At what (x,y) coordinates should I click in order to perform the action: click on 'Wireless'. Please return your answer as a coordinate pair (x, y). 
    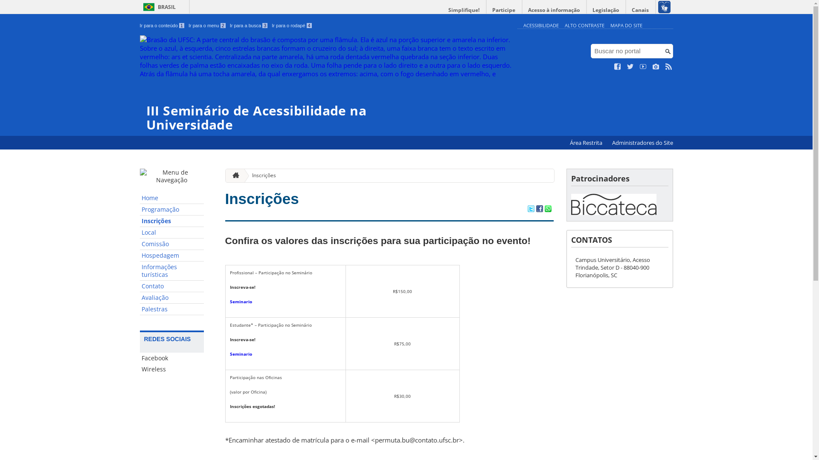
    Looking at the image, I should click on (139, 369).